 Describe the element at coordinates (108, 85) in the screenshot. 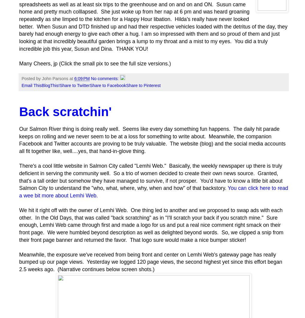

I see `'Share to Facebook'` at that location.